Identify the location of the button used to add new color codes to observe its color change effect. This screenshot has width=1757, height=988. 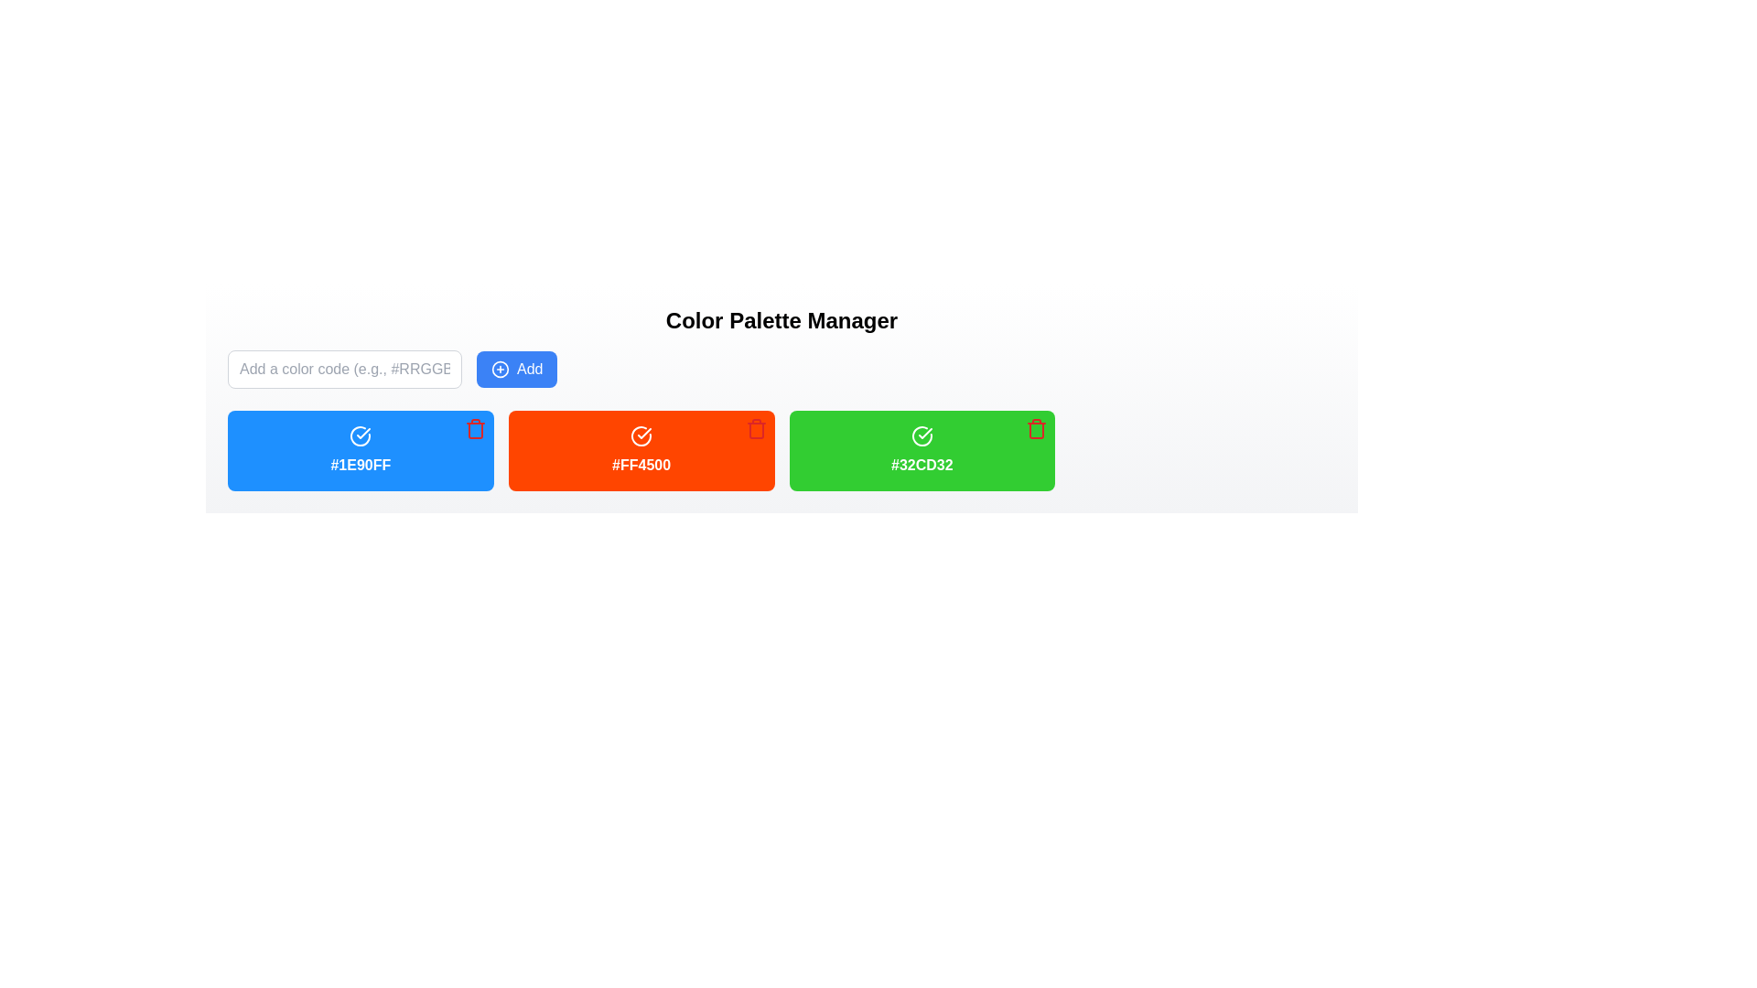
(516, 370).